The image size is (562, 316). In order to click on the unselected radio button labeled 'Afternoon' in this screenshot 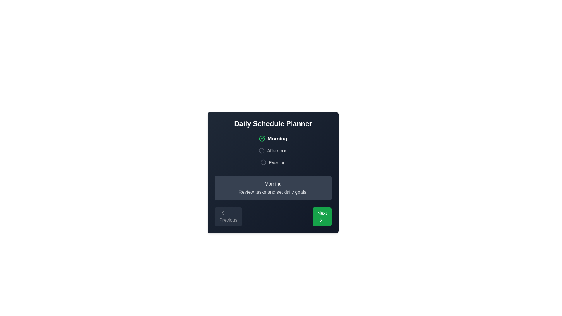, I will do `click(273, 151)`.